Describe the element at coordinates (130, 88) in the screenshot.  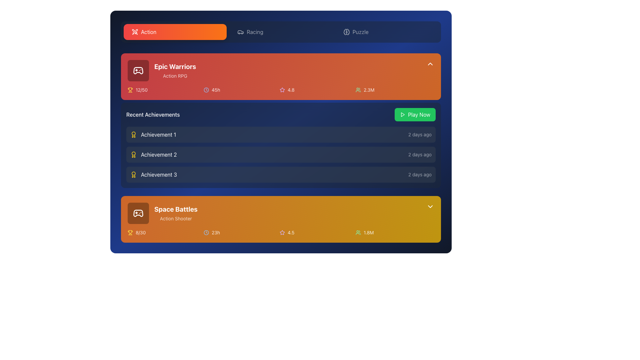
I see `the trophy icon representing achievements in the 'Epic Warriors' section, which is located in the lower left corner of the red card` at that location.